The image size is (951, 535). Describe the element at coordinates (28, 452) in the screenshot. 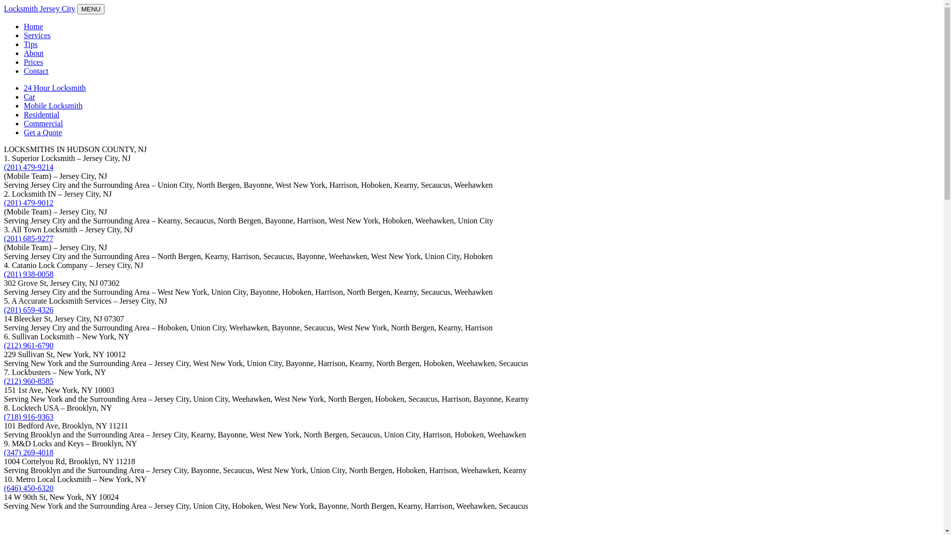

I see `'(347) 269-4018'` at that location.